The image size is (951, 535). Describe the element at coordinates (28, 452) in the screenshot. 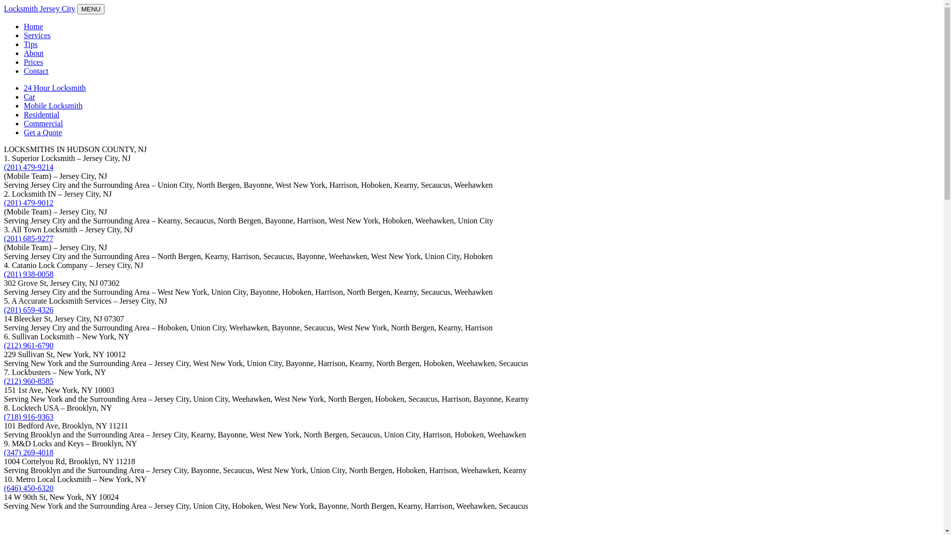

I see `'(347) 269-4018'` at that location.